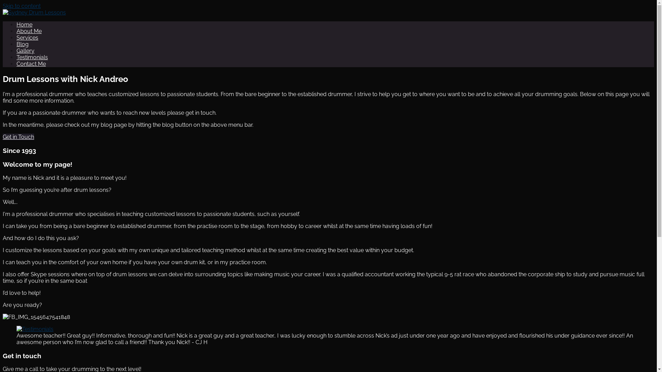 This screenshot has height=372, width=662. What do you see at coordinates (25, 50) in the screenshot?
I see `'Gallery'` at bounding box center [25, 50].